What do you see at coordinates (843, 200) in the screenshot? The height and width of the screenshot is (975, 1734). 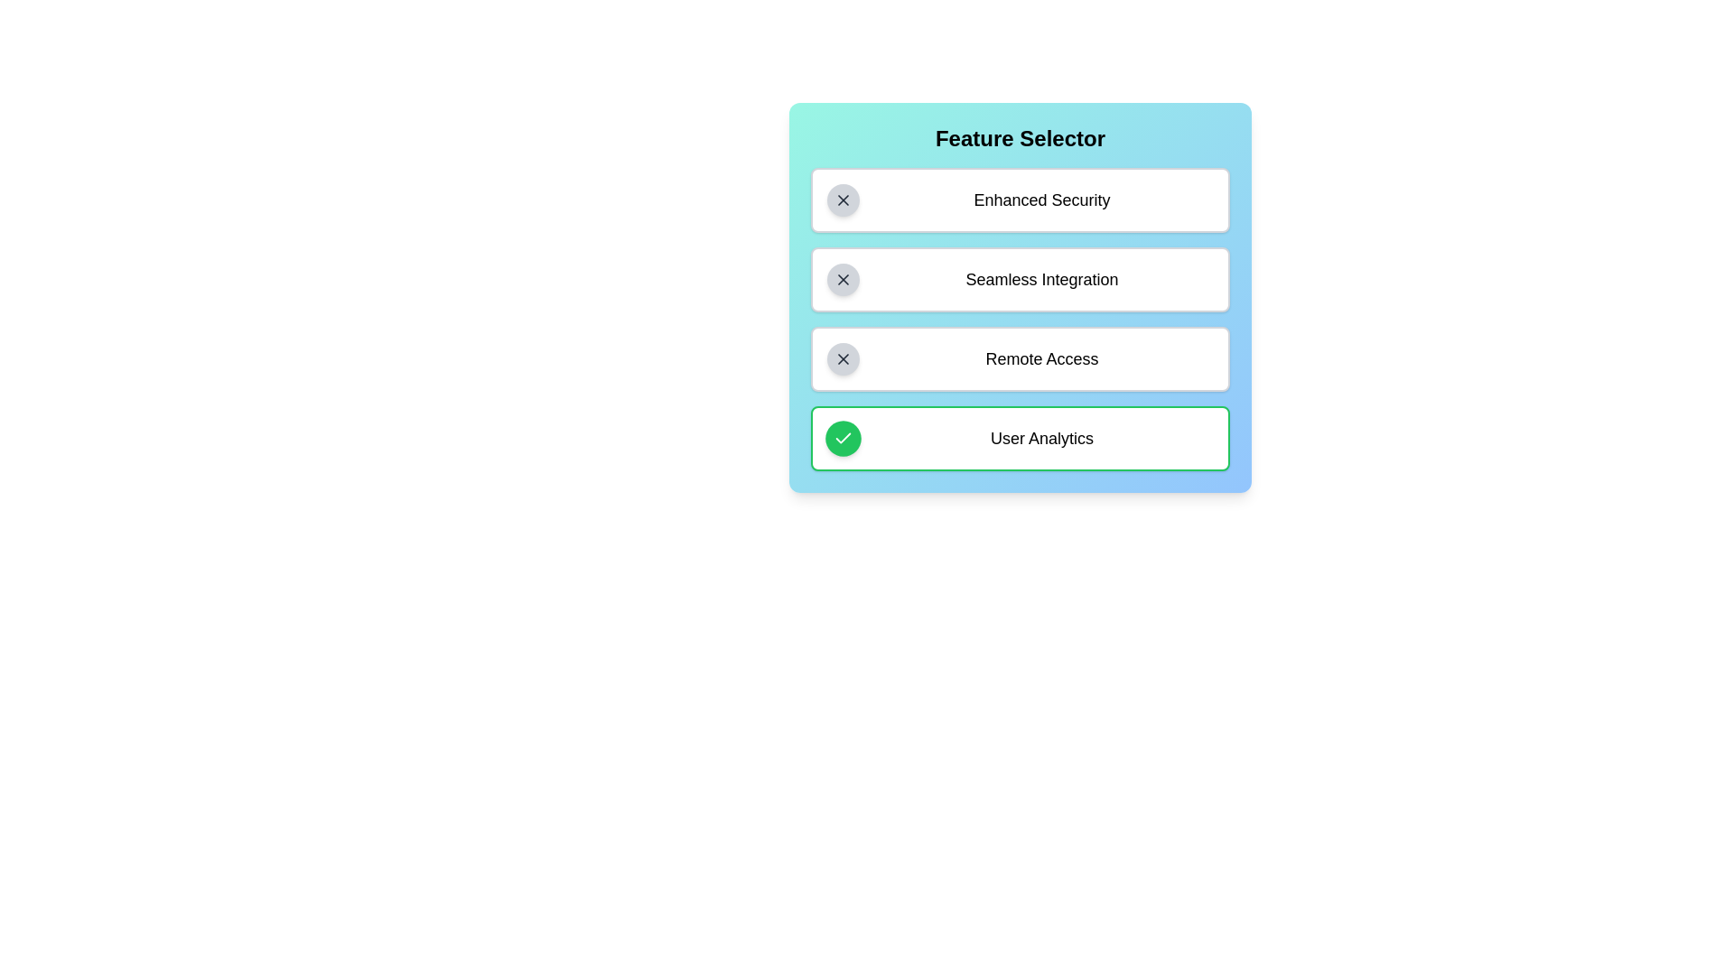 I see `the feature Enhanced Security by clicking its button` at bounding box center [843, 200].